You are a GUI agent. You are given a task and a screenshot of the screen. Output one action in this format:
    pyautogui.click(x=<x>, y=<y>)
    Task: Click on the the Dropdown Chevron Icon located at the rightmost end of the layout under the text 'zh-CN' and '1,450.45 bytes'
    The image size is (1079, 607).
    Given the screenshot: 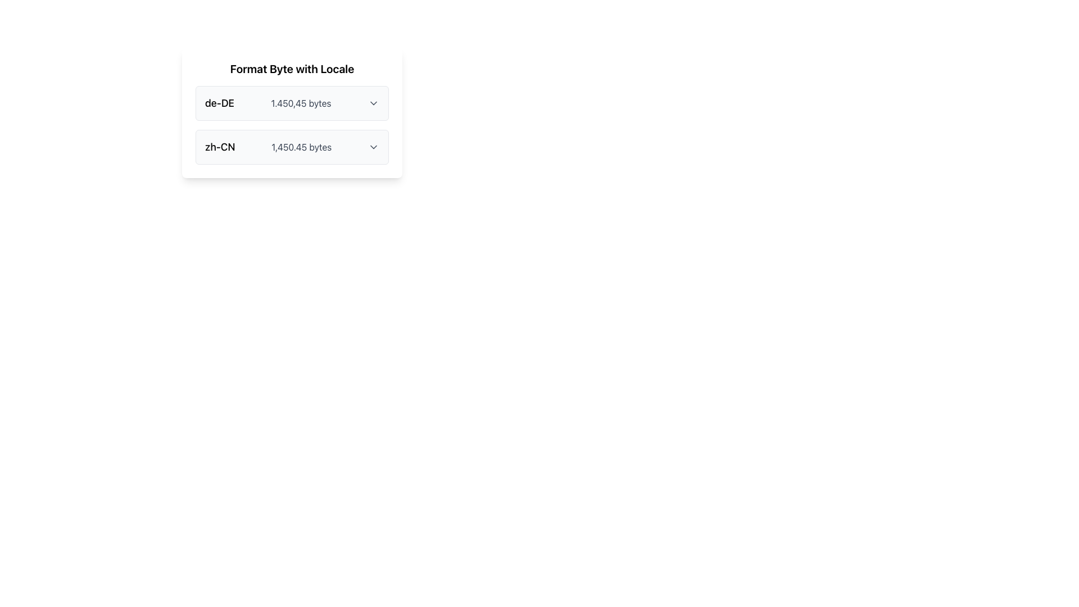 What is the action you would take?
    pyautogui.click(x=373, y=147)
    